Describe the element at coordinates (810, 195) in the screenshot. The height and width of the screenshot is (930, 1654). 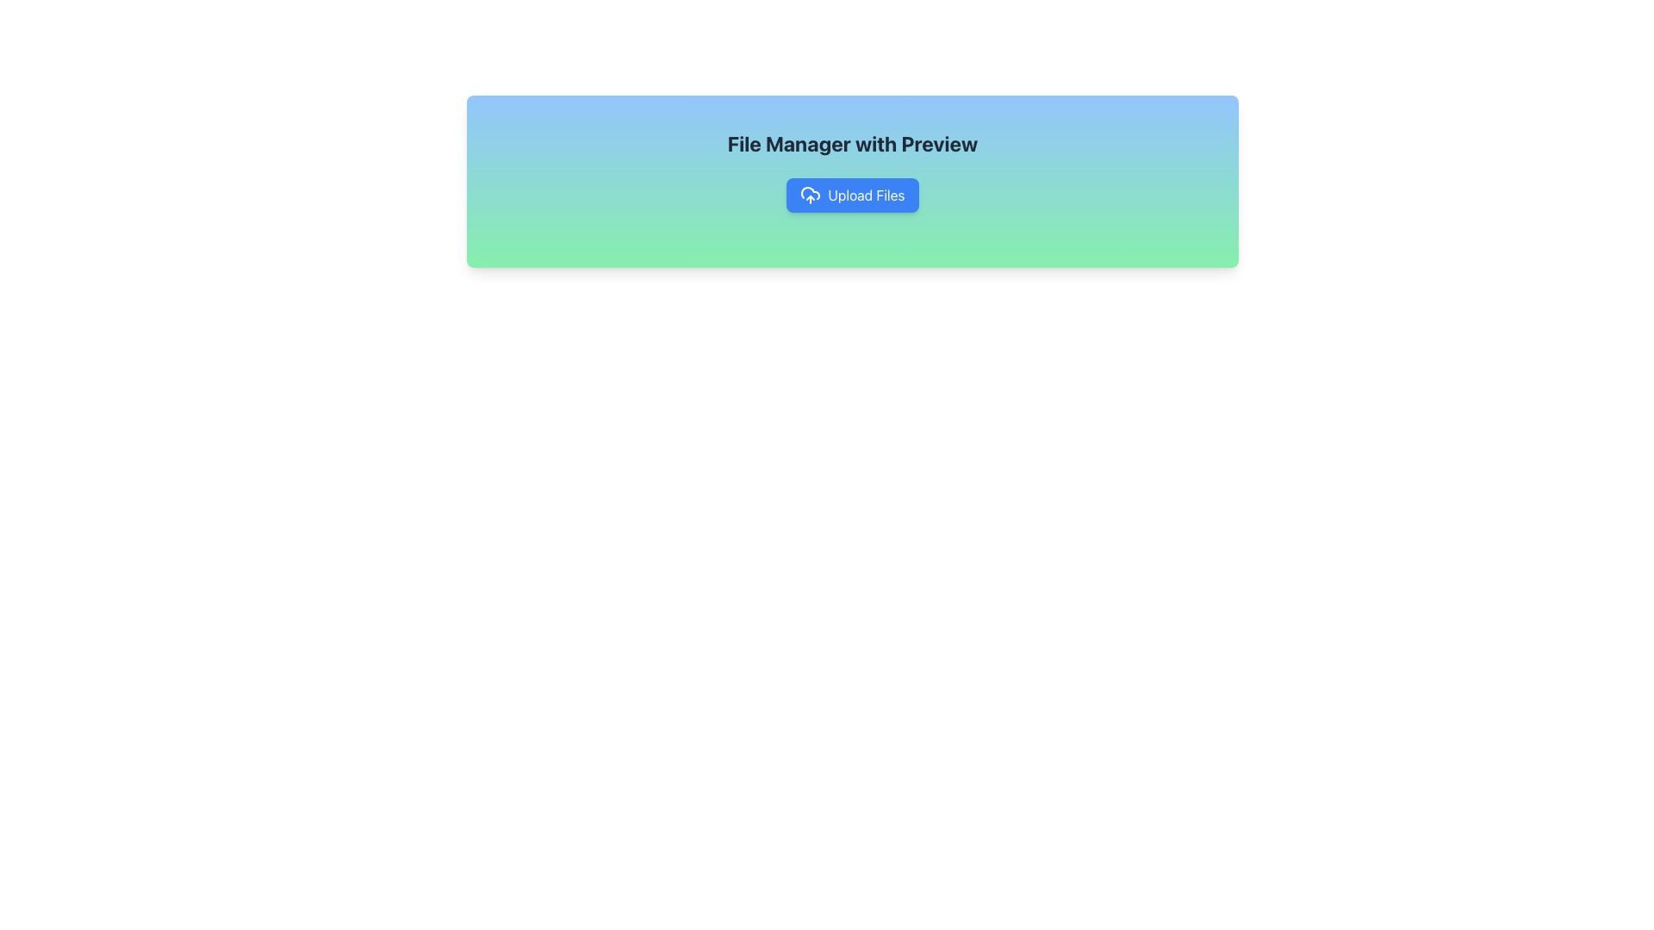
I see `the cloud icon with an upward arrow located within the 'Upload Files' button, which is centered below the 'File Manager with Preview' title` at that location.